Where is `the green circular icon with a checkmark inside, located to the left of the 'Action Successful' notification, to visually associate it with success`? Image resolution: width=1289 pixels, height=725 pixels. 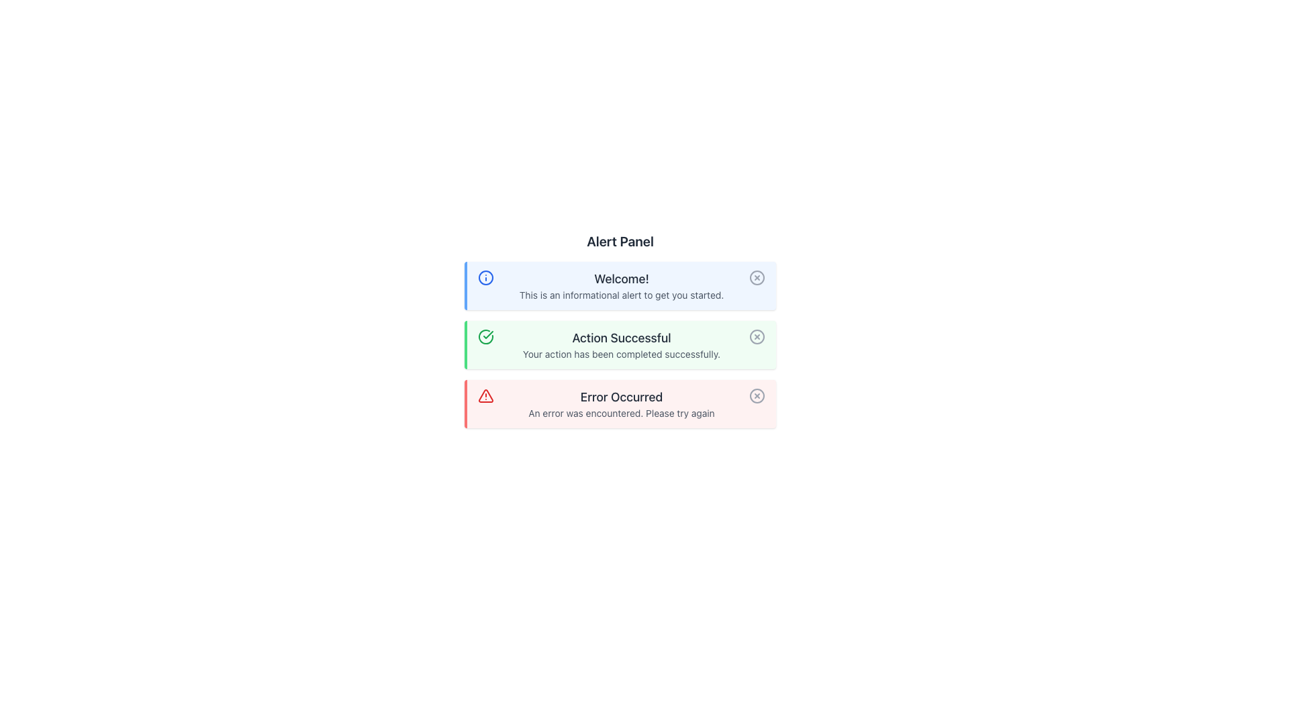
the green circular icon with a checkmark inside, located to the left of the 'Action Successful' notification, to visually associate it with success is located at coordinates (485, 336).